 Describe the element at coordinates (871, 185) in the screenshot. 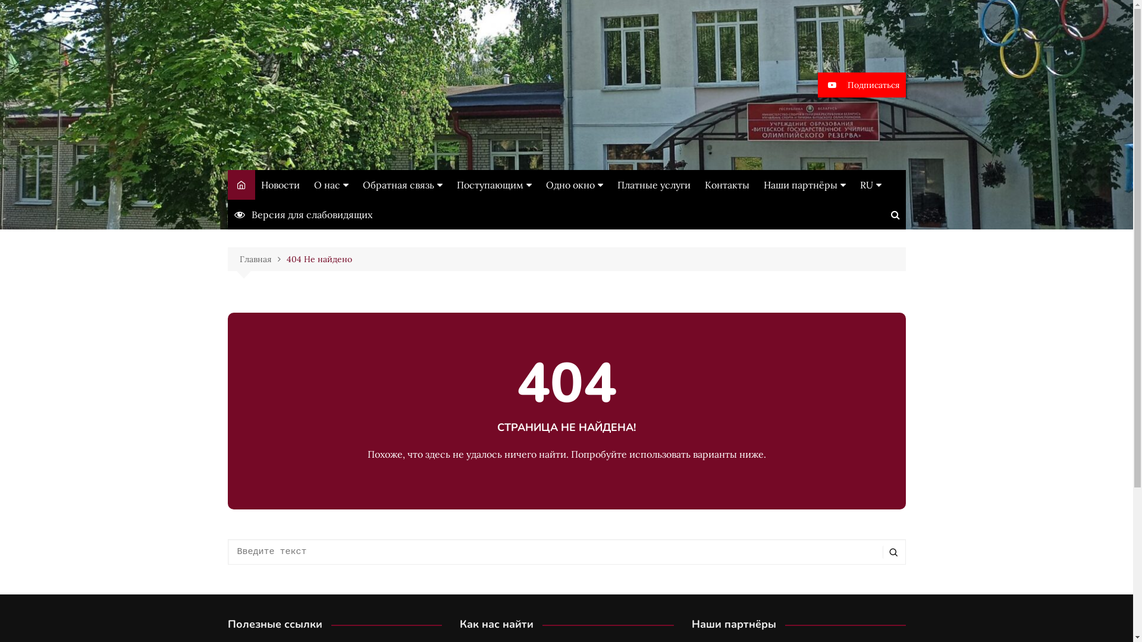

I see `'RU'` at that location.